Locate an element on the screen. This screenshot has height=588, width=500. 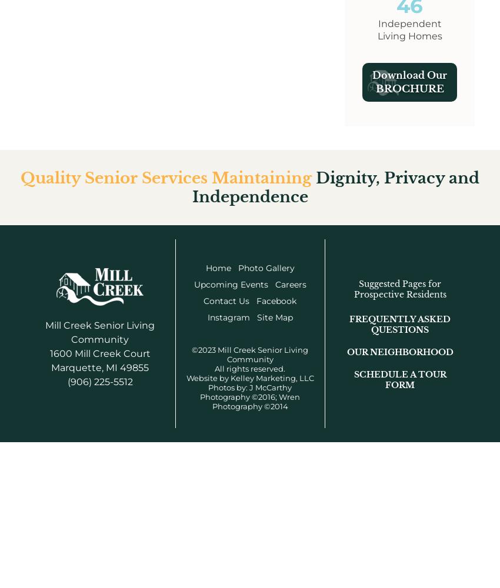
'Marquette, MI 49855' is located at coordinates (100, 367).